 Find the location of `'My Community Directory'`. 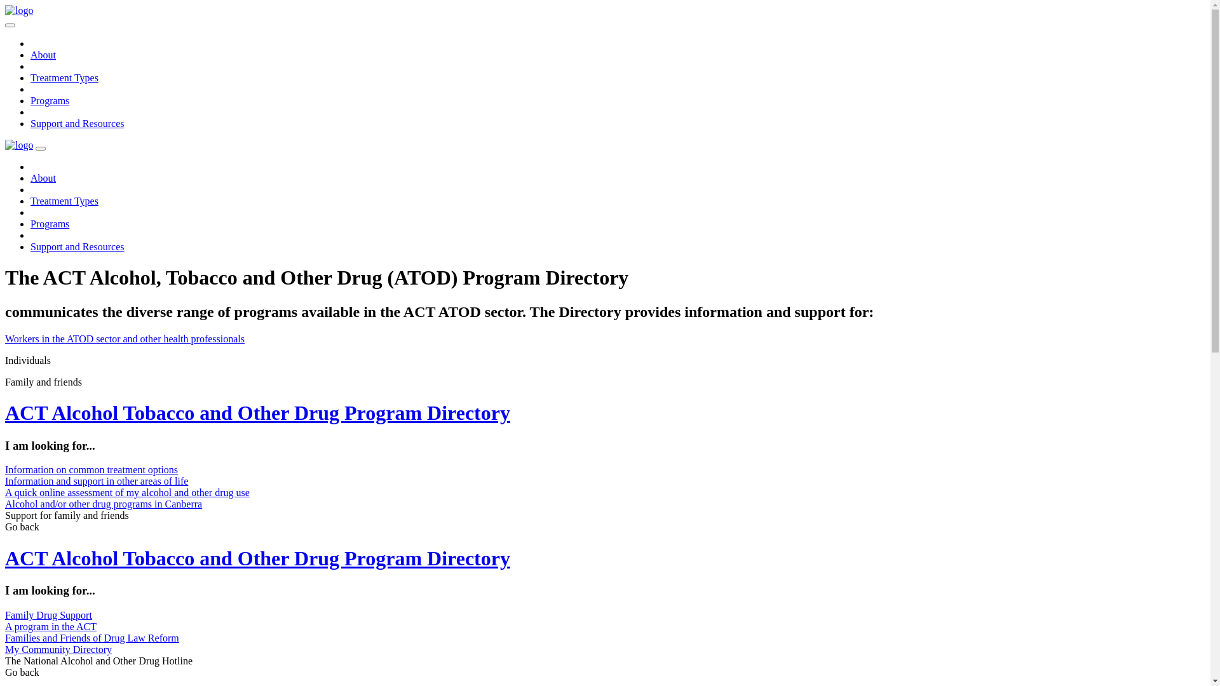

'My Community Directory' is located at coordinates (57, 649).